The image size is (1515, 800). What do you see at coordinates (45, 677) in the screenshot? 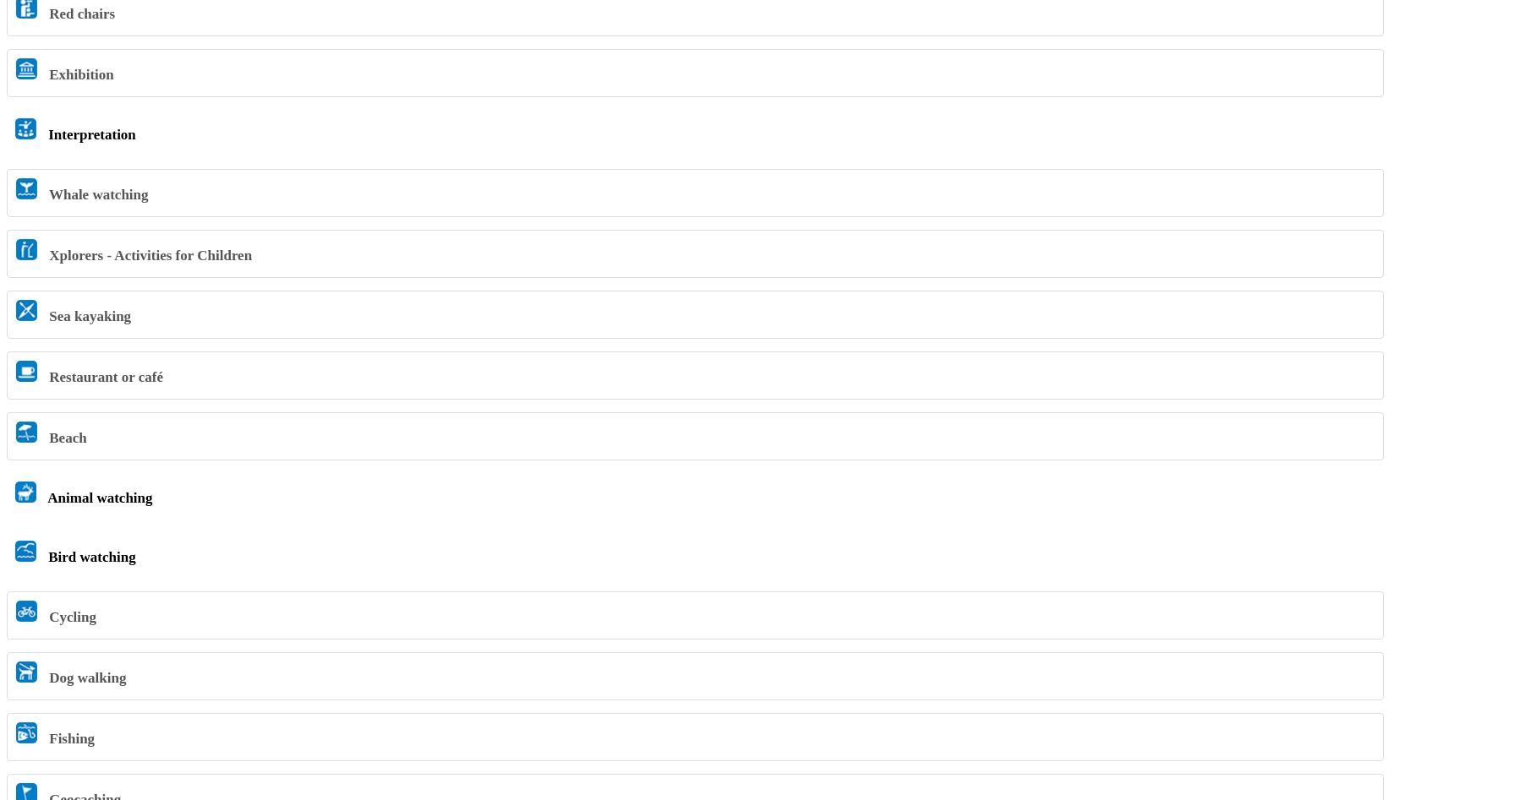
I see `'Dog walking'` at bounding box center [45, 677].